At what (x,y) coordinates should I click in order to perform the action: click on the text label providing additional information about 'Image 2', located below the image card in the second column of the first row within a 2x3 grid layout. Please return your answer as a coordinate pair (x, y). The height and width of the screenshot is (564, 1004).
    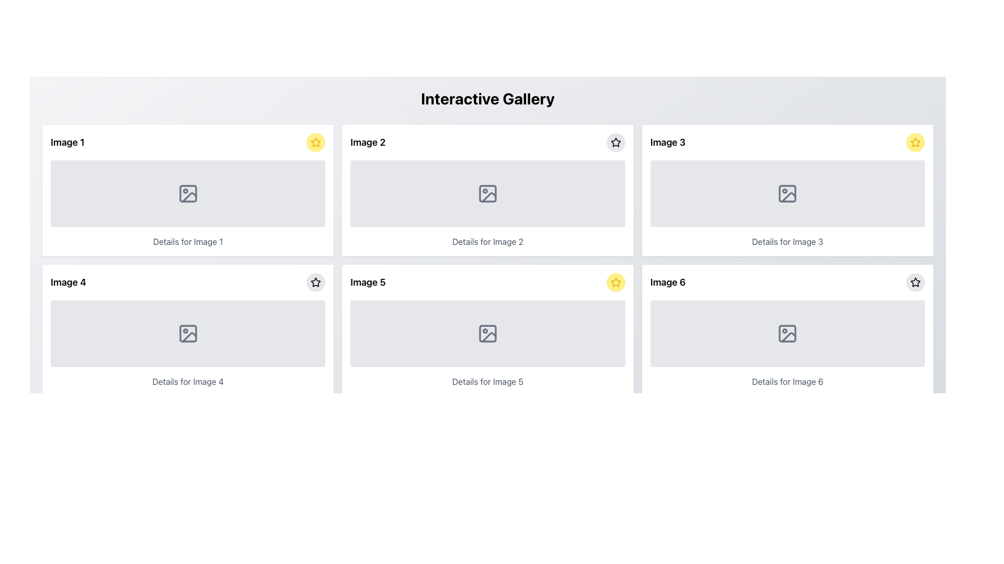
    Looking at the image, I should click on (487, 241).